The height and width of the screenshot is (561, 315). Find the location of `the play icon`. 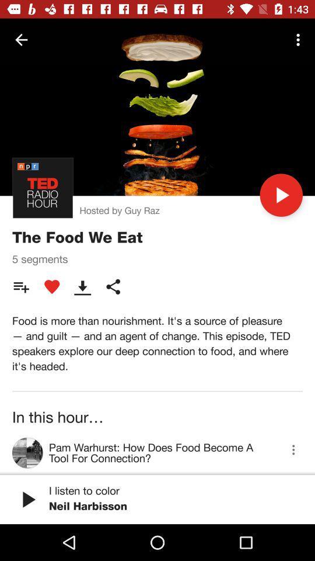

the play icon is located at coordinates (281, 195).